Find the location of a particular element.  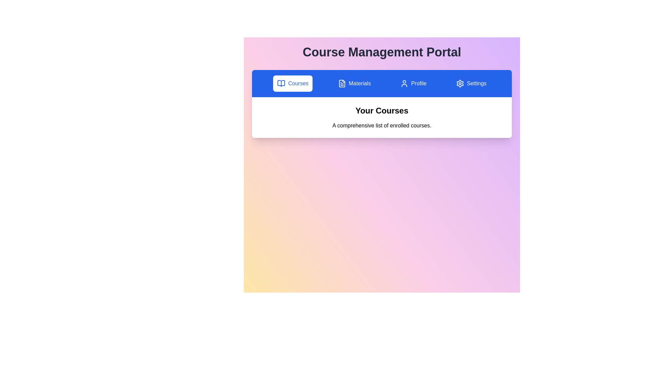

the 'Profile' icon in the navigation bar, which serves as a visual representation for accessing user-related settings or information is located at coordinates (404, 83).